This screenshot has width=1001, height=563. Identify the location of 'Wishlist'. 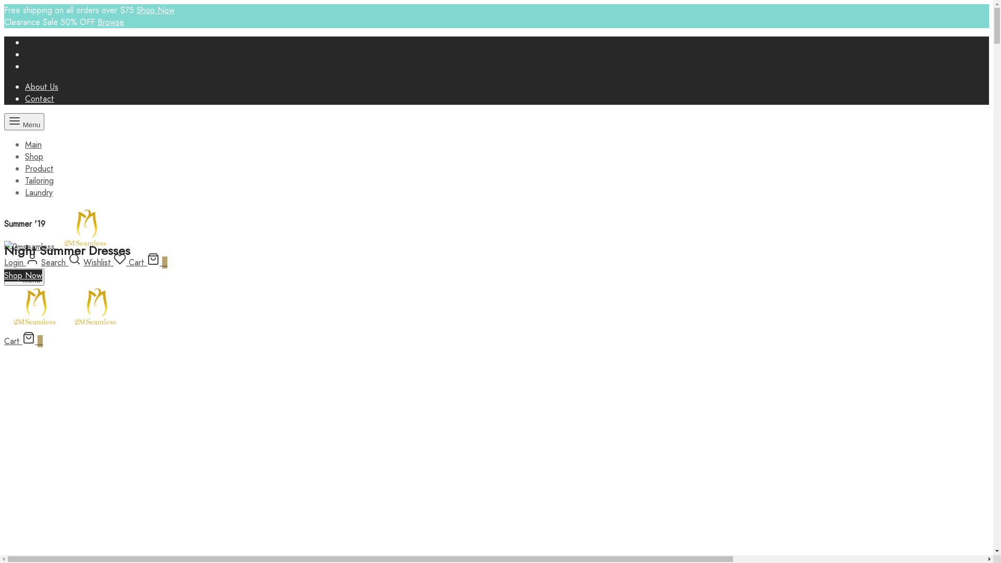
(106, 262).